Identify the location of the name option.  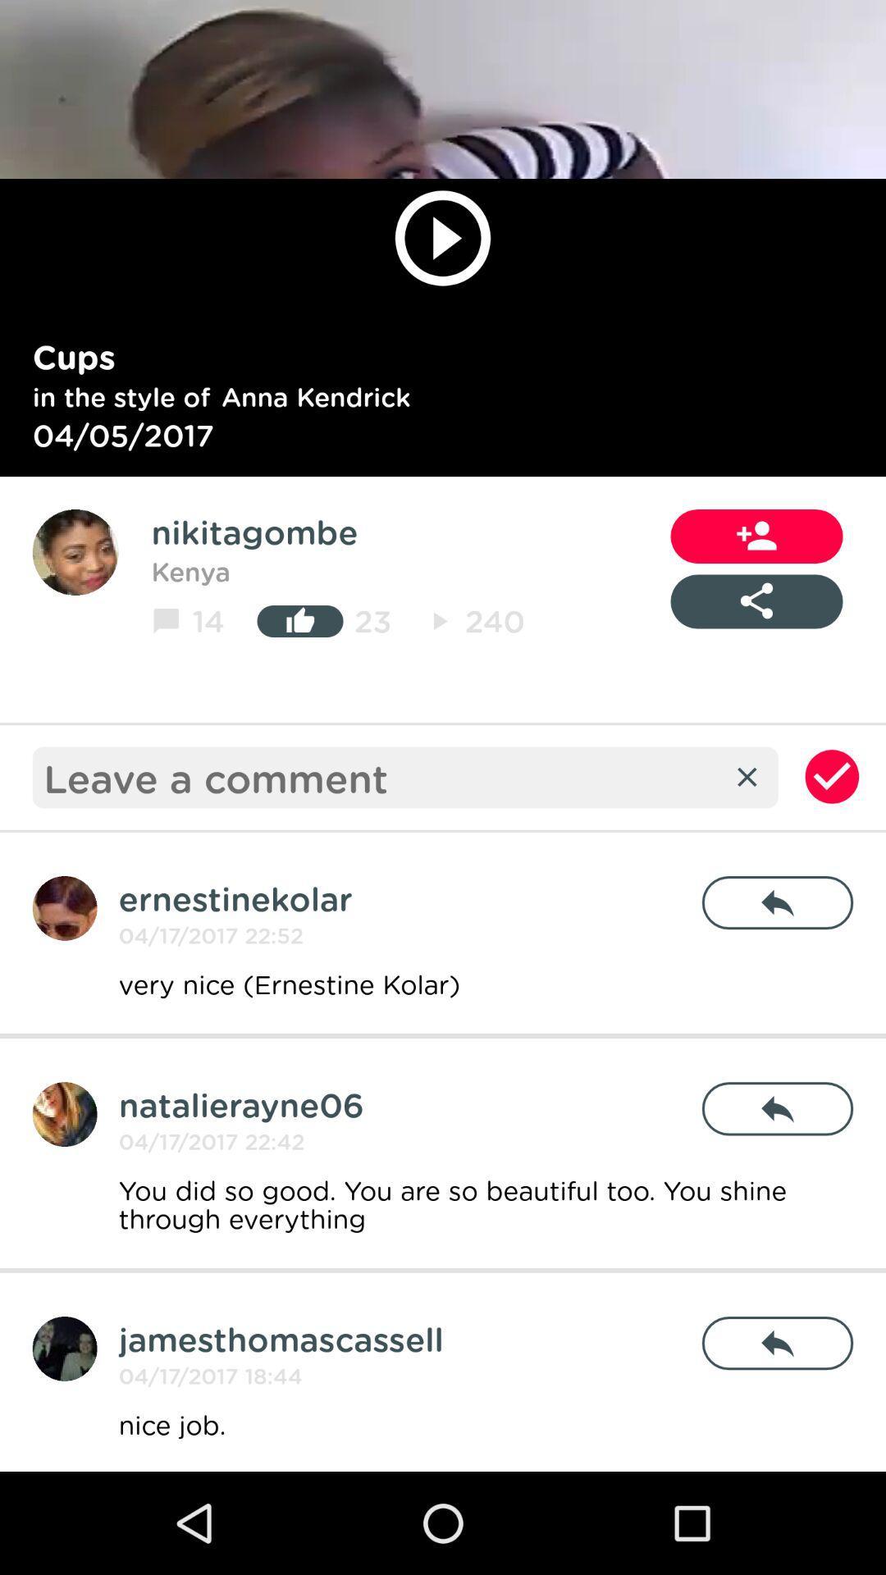
(64, 1349).